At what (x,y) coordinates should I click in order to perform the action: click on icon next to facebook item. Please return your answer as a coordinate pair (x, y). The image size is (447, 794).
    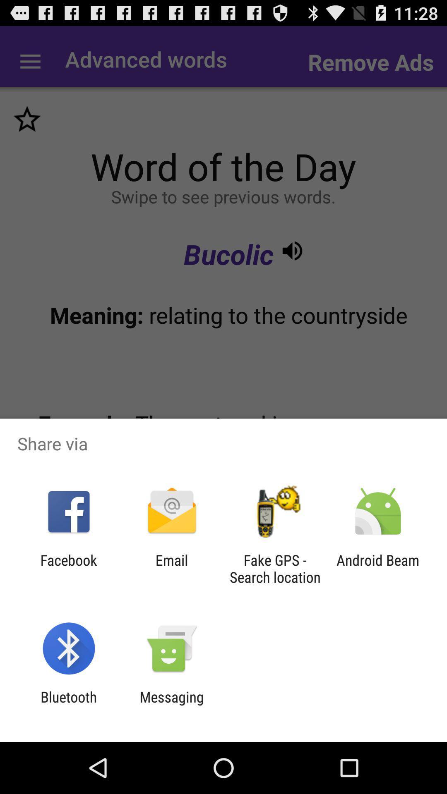
    Looking at the image, I should click on (171, 568).